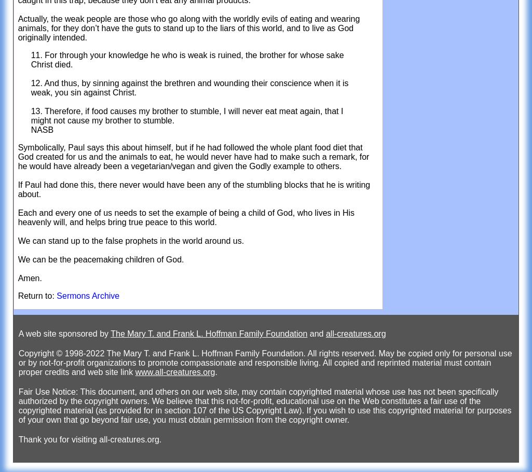 The height and width of the screenshot is (472, 532). What do you see at coordinates (193, 157) in the screenshot?
I see `'Symbolically, Paul says this about himself, but if he had followed the whole 
	plant food diet that God created for us and the animals to eat, he would 
	never have had to make such a remark, for he would have already been a 
	vegetarian/vegan and given the Godly example to others.'` at bounding box center [193, 157].